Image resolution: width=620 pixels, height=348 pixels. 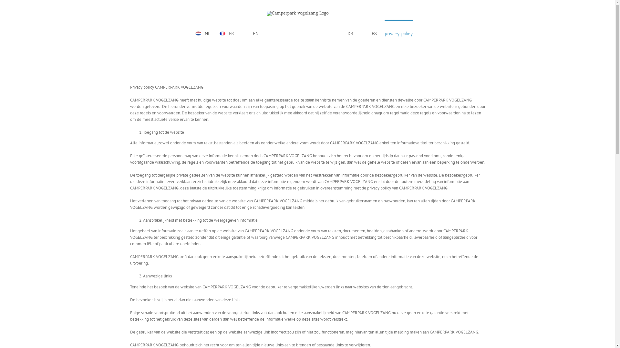 What do you see at coordinates (198, 34) in the screenshot?
I see `'netherlands_640'` at bounding box center [198, 34].